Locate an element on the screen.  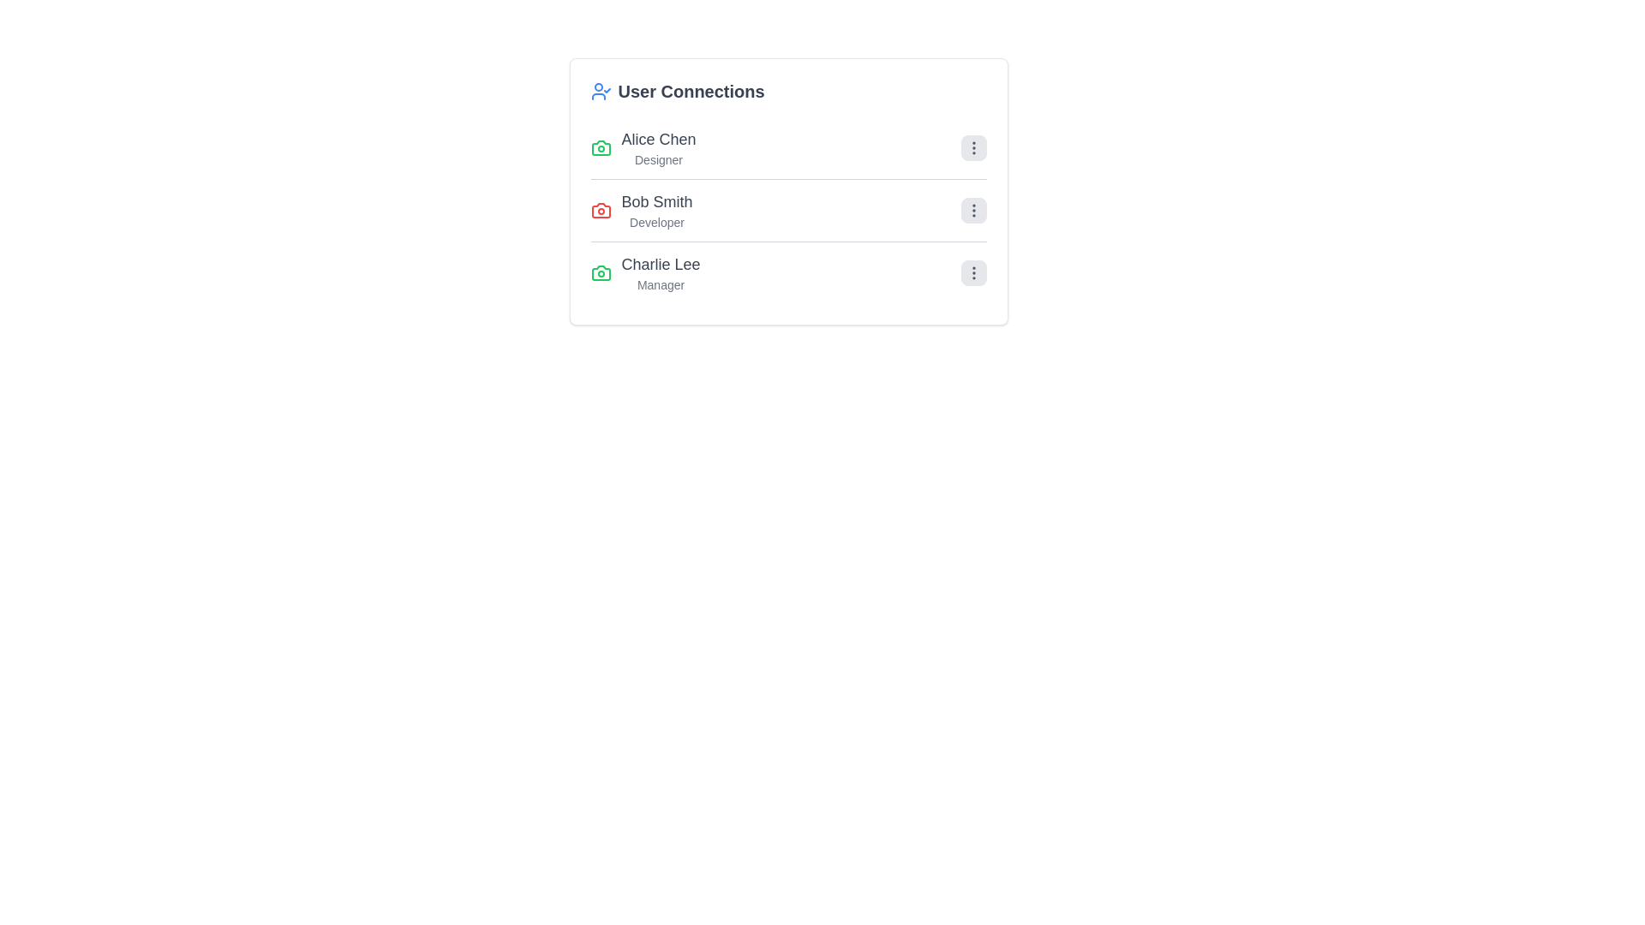
the text label indicating the job title 'Manager' for user Charlie Lee, located in the third row of the user connection list is located at coordinates (660, 283).